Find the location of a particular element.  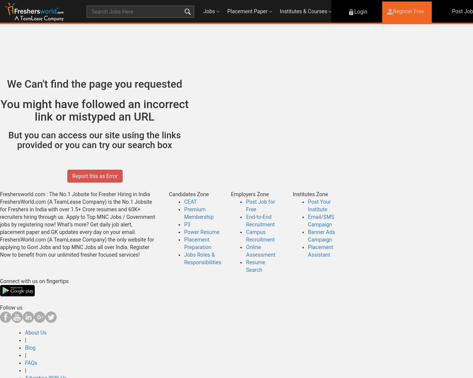

'The No.1 Jobsite for Fresher Hiring in India' is located at coordinates (99, 194).